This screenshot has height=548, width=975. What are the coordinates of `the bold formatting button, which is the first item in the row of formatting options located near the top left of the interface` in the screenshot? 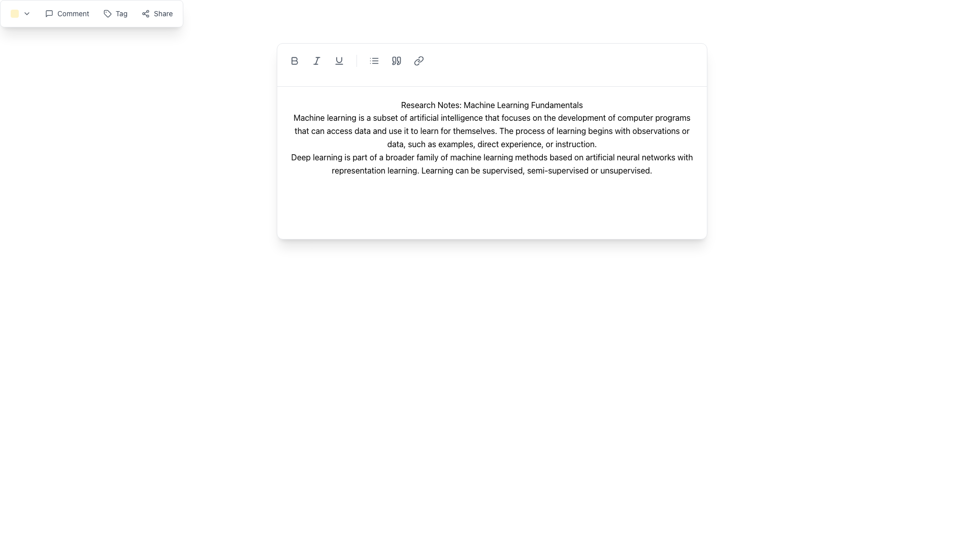 It's located at (294, 60).